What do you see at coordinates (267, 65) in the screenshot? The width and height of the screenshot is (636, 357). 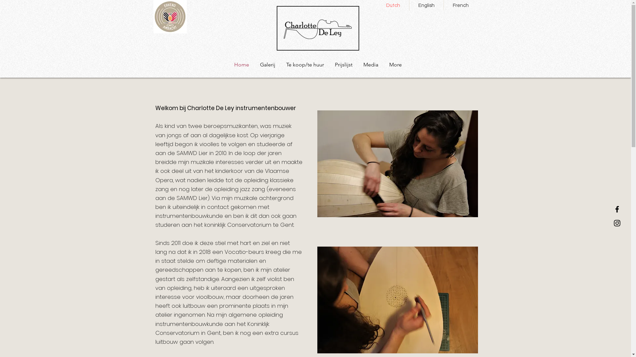 I see `'Galerij'` at bounding box center [267, 65].